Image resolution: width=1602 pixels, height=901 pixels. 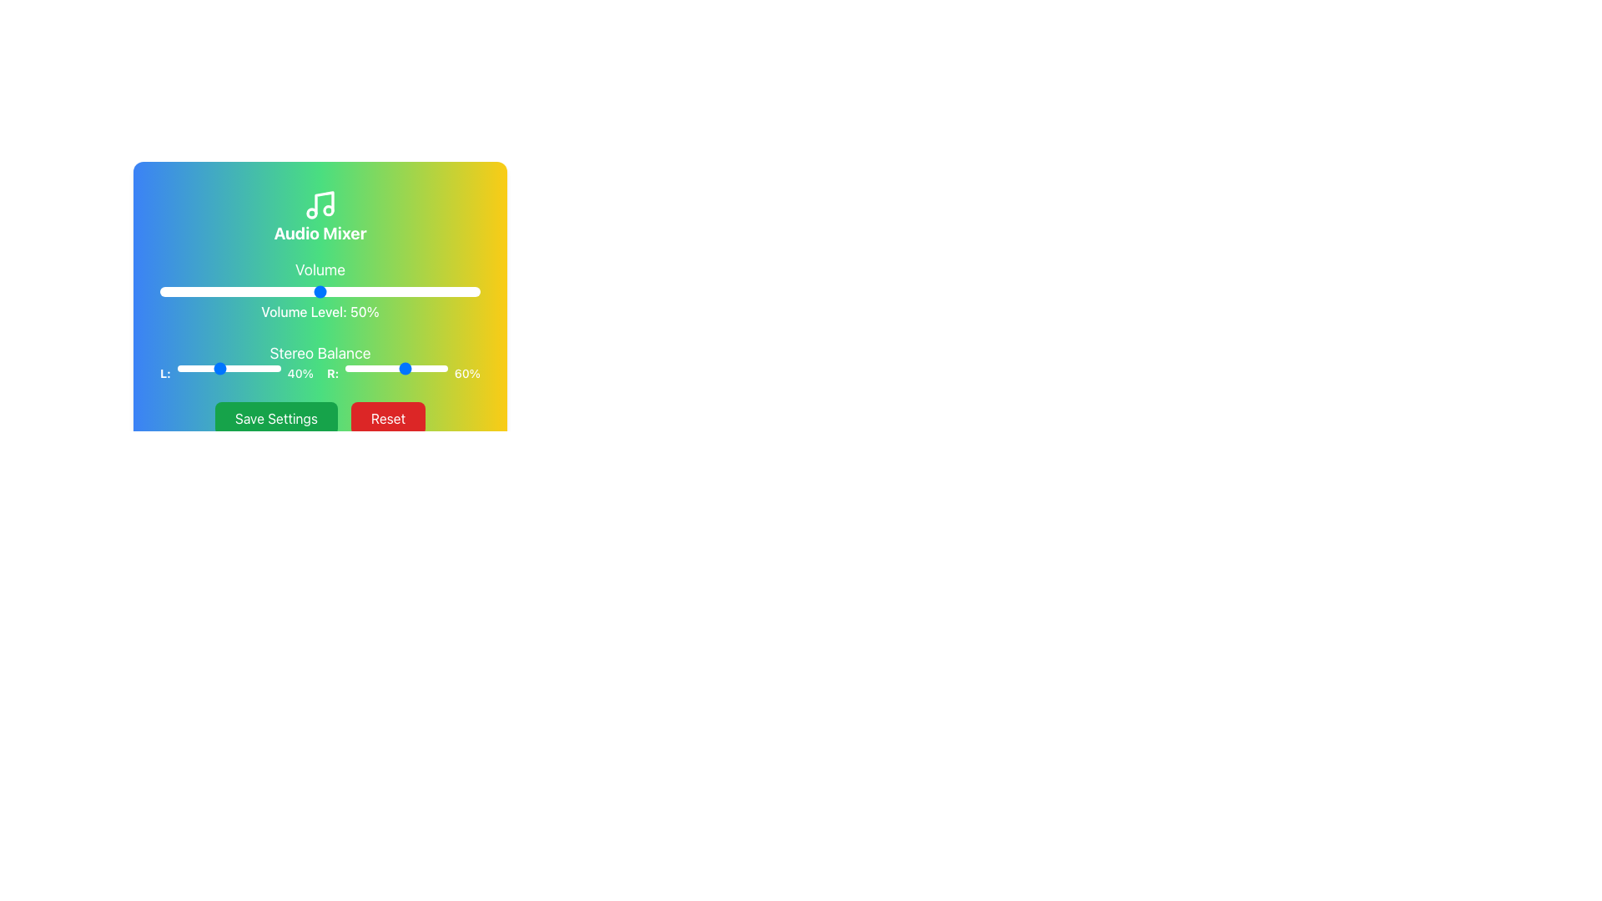 I want to click on the small circular shape representing a dot or marker, located near the bottom-right area of the musical note icon within the SVG graphic, so click(x=328, y=209).